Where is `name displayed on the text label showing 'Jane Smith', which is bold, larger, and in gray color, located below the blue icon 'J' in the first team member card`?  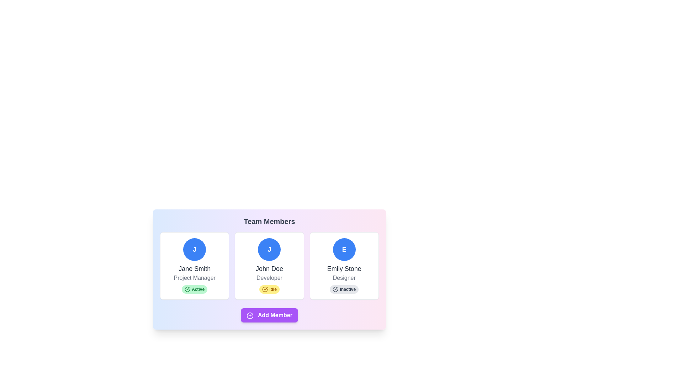 name displayed on the text label showing 'Jane Smith', which is bold, larger, and in gray color, located below the blue icon 'J' in the first team member card is located at coordinates (195, 269).